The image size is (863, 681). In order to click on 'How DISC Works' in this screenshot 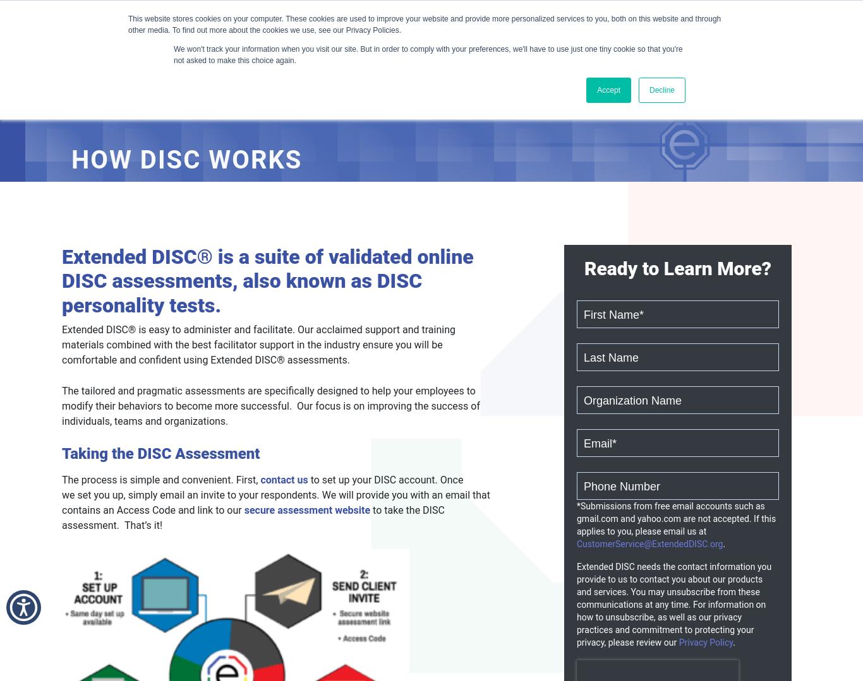, I will do `click(71, 159)`.